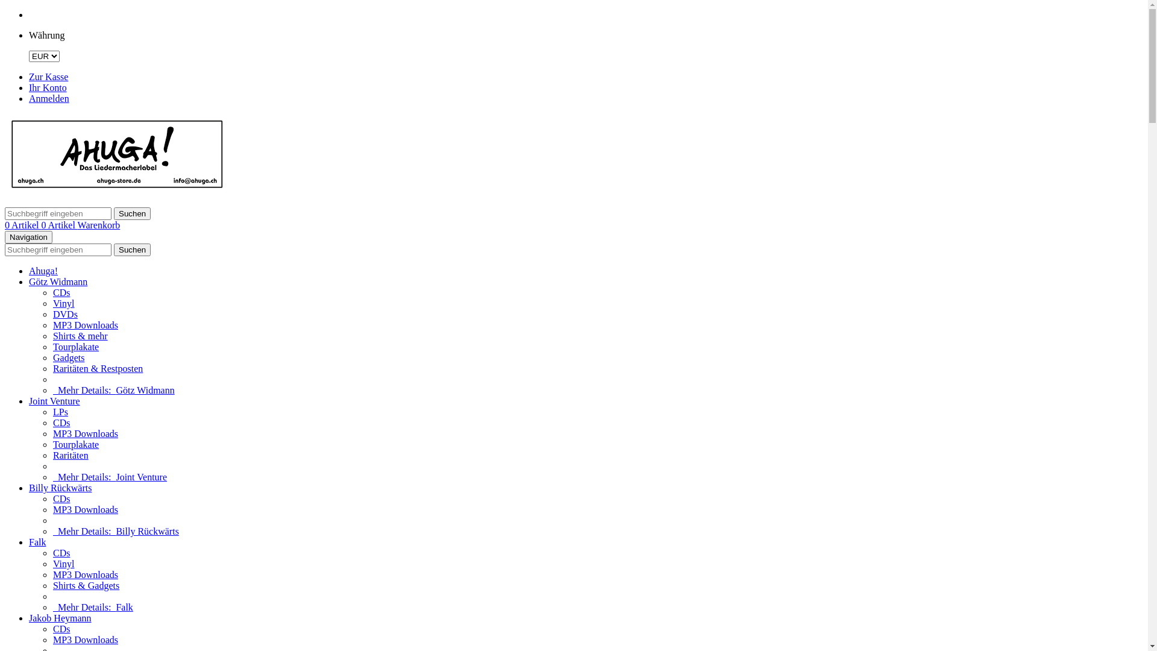  Describe the element at coordinates (52, 564) in the screenshot. I see `'Vinyl'` at that location.